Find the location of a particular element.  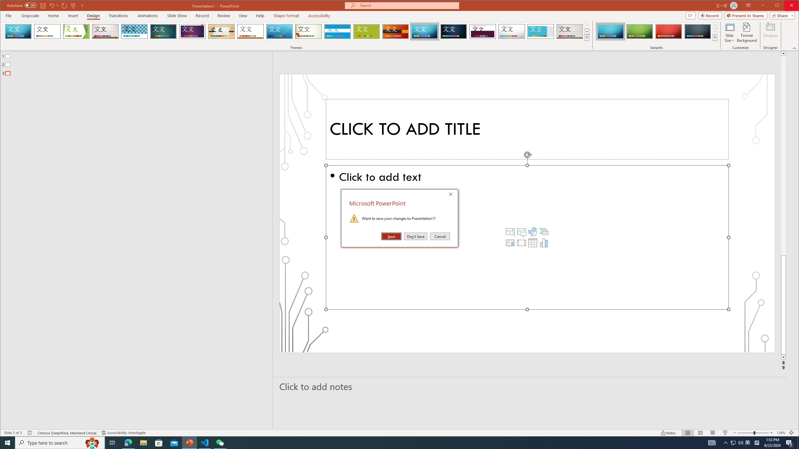

'Designer' is located at coordinates (771, 32).